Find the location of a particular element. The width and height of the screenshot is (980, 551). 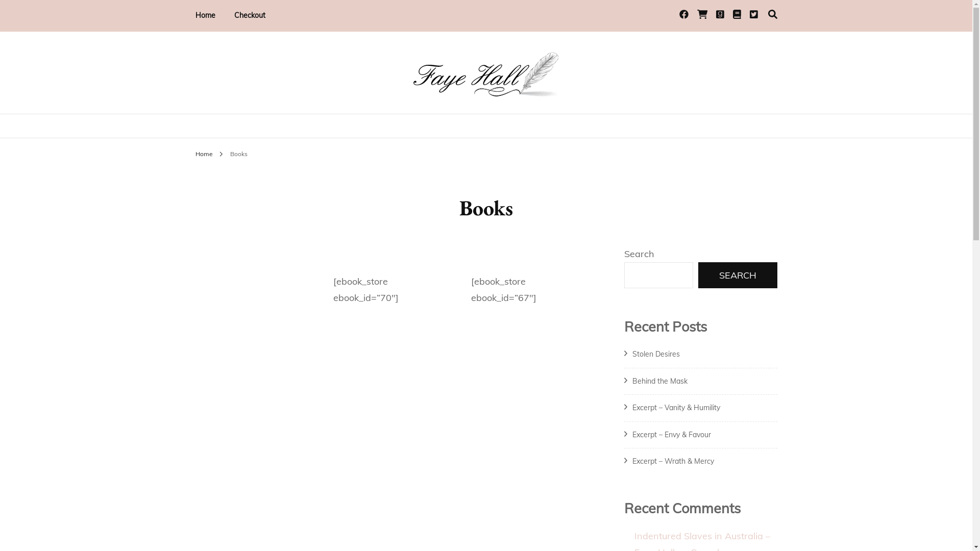

'Books' is located at coordinates (237, 154).